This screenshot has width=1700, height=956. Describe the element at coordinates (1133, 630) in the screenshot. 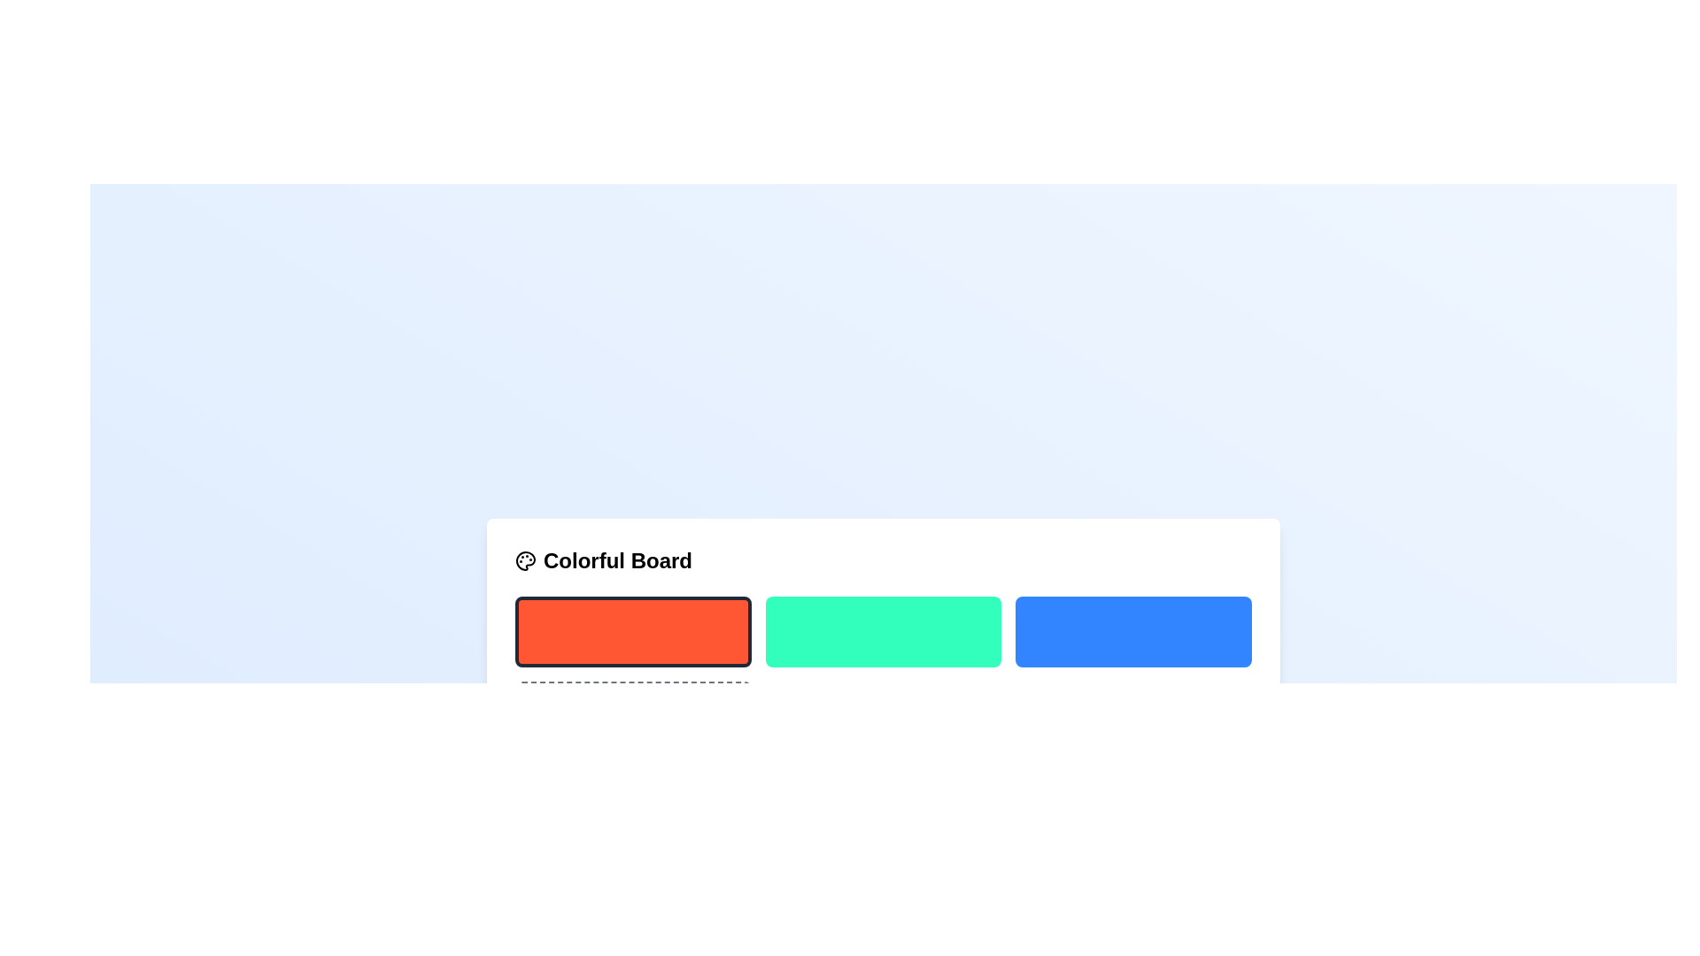

I see `the vibrant blue button with rounded corners that is positioned to the right of a light green button and far-right from a red button` at that location.